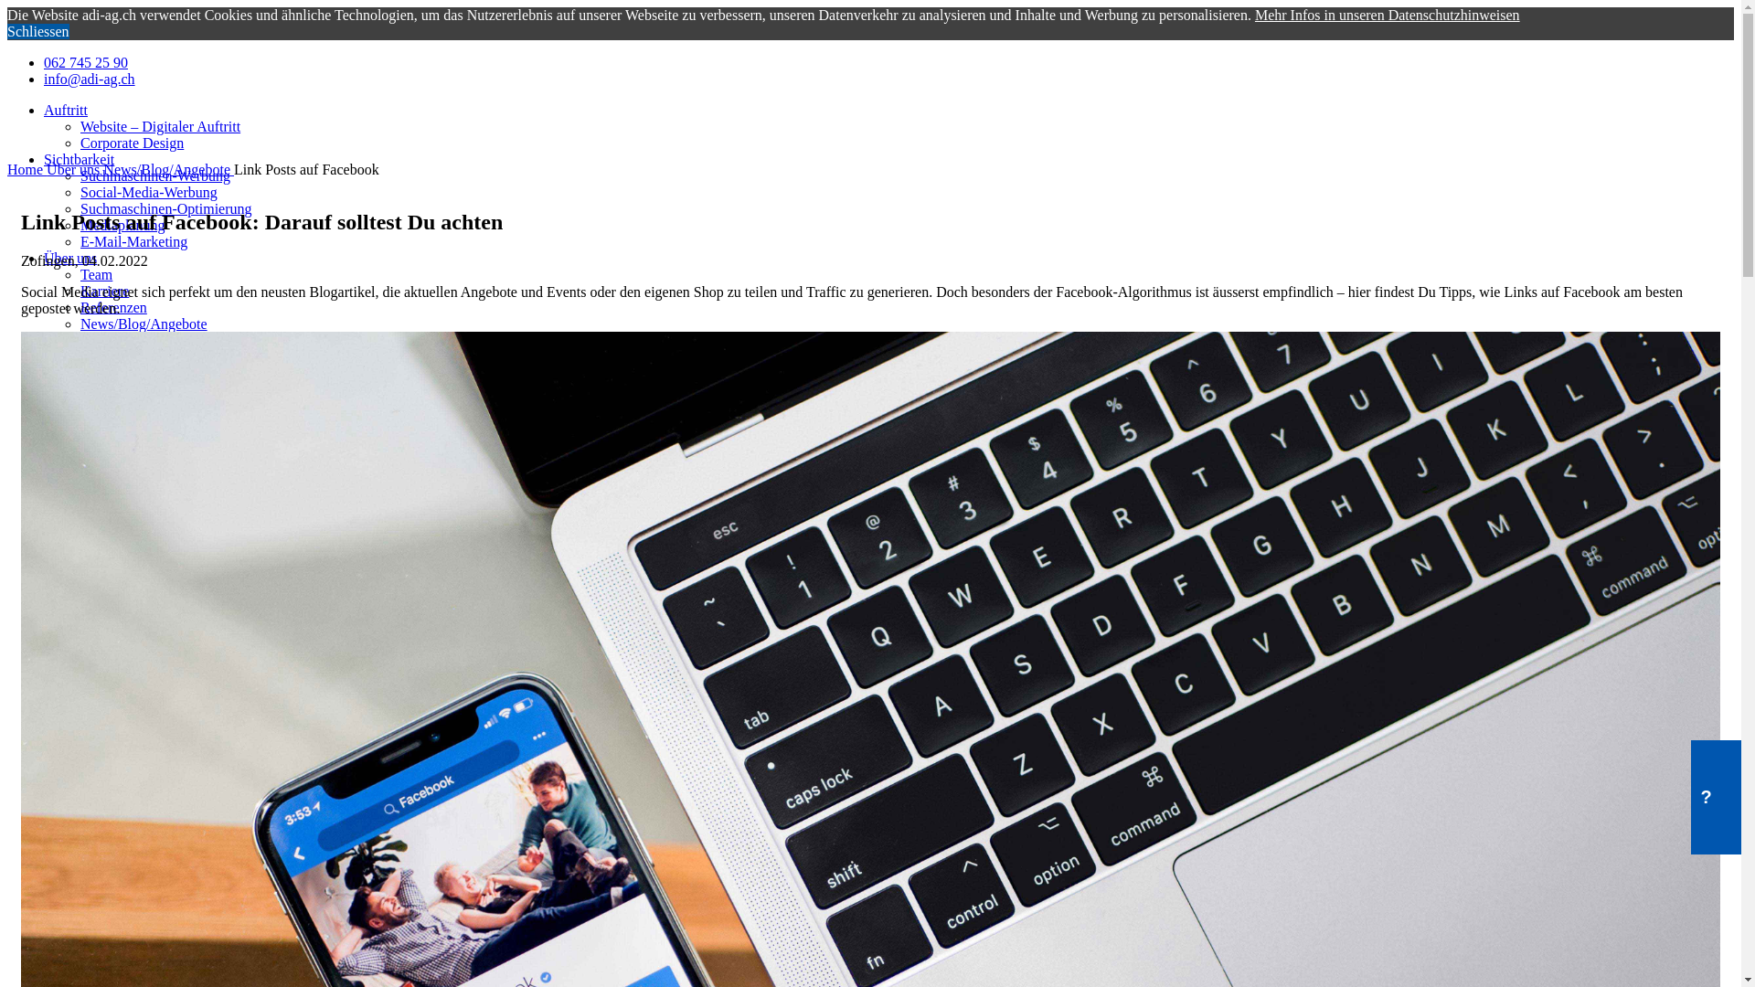 The image size is (1755, 987). Describe the element at coordinates (79, 290) in the screenshot. I see `'Karriere'` at that location.